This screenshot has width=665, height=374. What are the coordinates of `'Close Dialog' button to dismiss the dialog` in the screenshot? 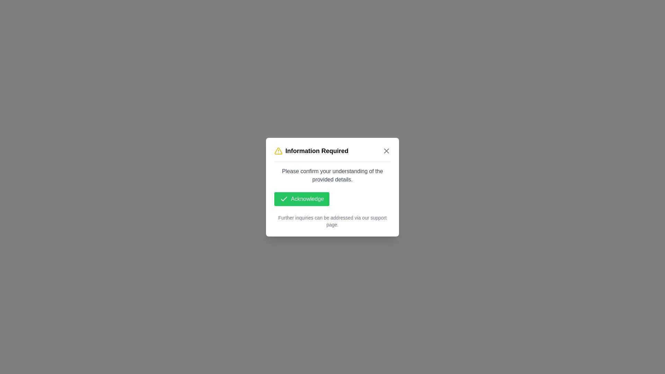 It's located at (386, 150).